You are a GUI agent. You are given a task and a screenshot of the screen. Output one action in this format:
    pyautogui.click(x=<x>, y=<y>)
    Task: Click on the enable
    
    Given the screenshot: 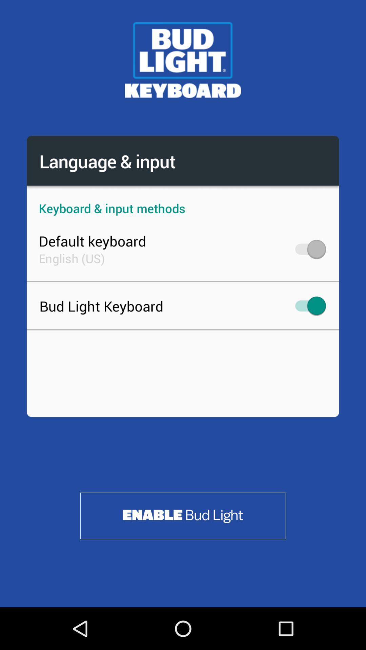 What is the action you would take?
    pyautogui.click(x=183, y=515)
    